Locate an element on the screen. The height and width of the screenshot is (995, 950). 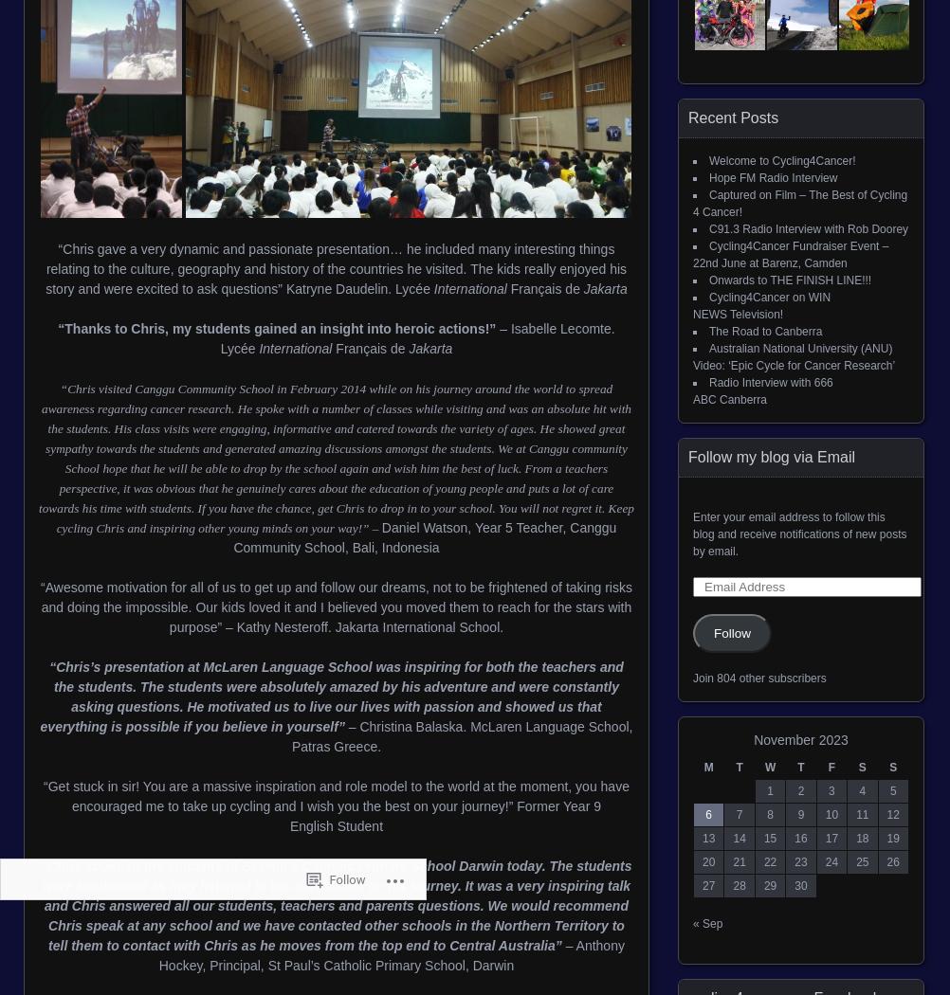
'12' is located at coordinates (891, 814).